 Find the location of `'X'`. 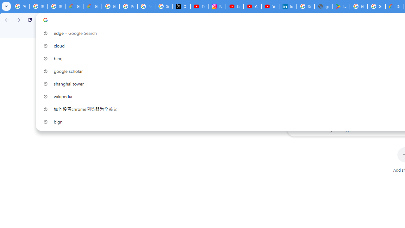

'X' is located at coordinates (181, 6).